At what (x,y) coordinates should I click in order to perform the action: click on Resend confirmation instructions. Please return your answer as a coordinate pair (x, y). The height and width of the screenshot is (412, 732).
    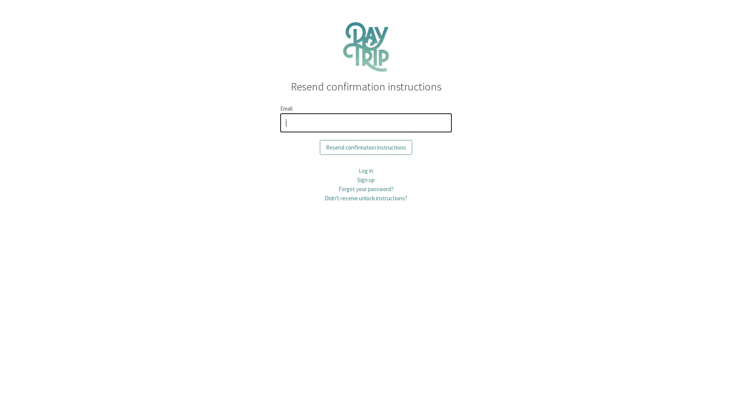
    Looking at the image, I should click on (366, 147).